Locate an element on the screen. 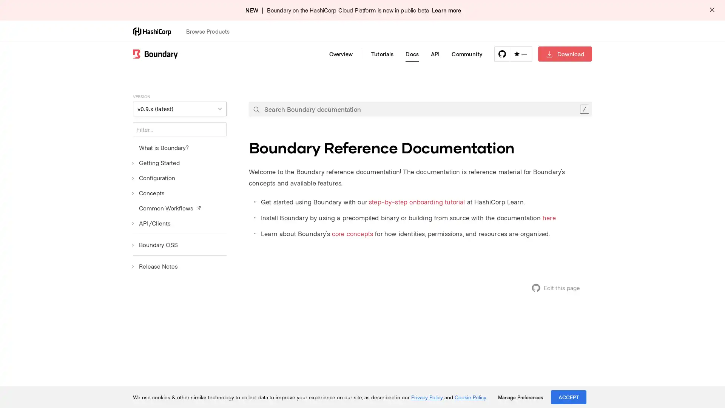  Clear the search query. is located at coordinates (584, 109).